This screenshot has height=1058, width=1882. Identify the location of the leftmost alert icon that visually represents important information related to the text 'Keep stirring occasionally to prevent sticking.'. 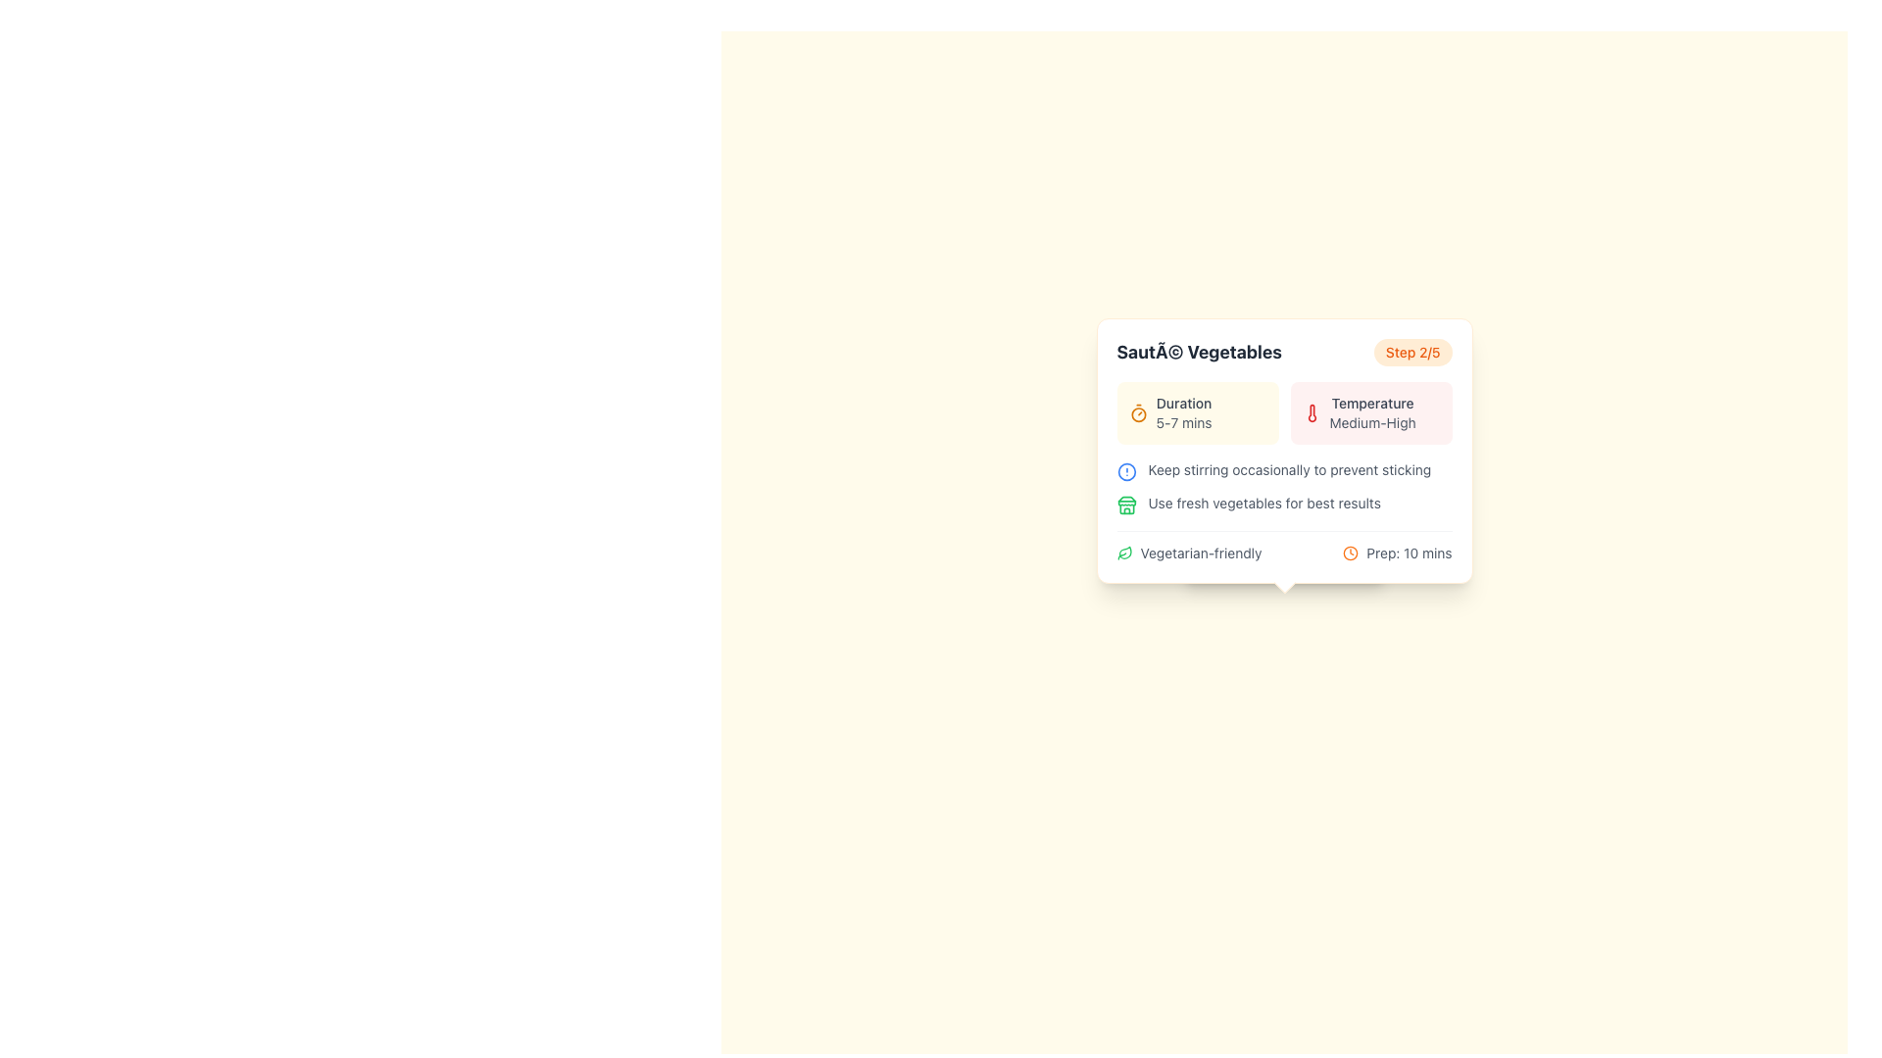
(1126, 472).